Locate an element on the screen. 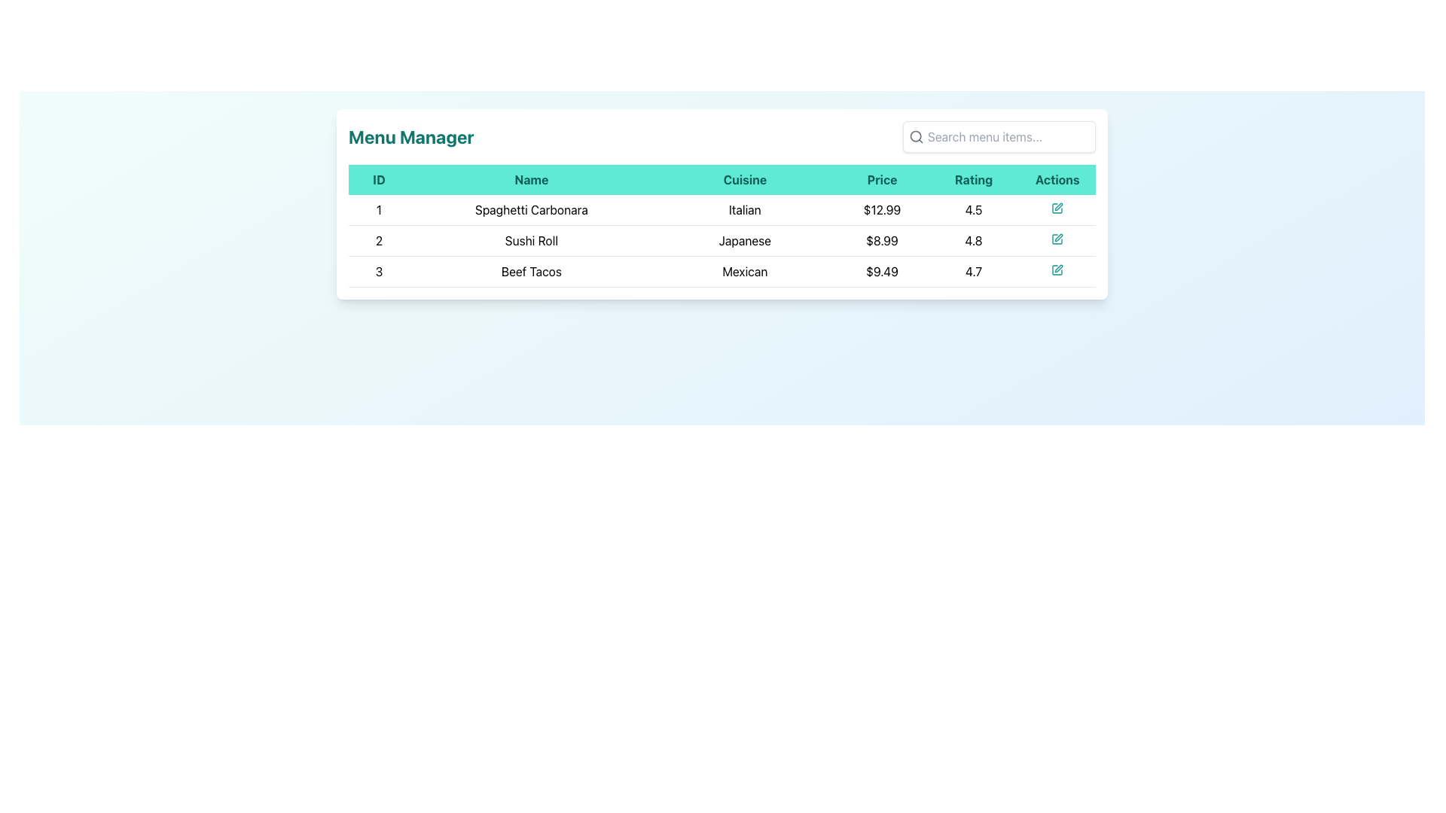  the Text Label displaying the price of the menu item 'Sushi Roll' located in the third column of the second row in the table is located at coordinates (882, 240).